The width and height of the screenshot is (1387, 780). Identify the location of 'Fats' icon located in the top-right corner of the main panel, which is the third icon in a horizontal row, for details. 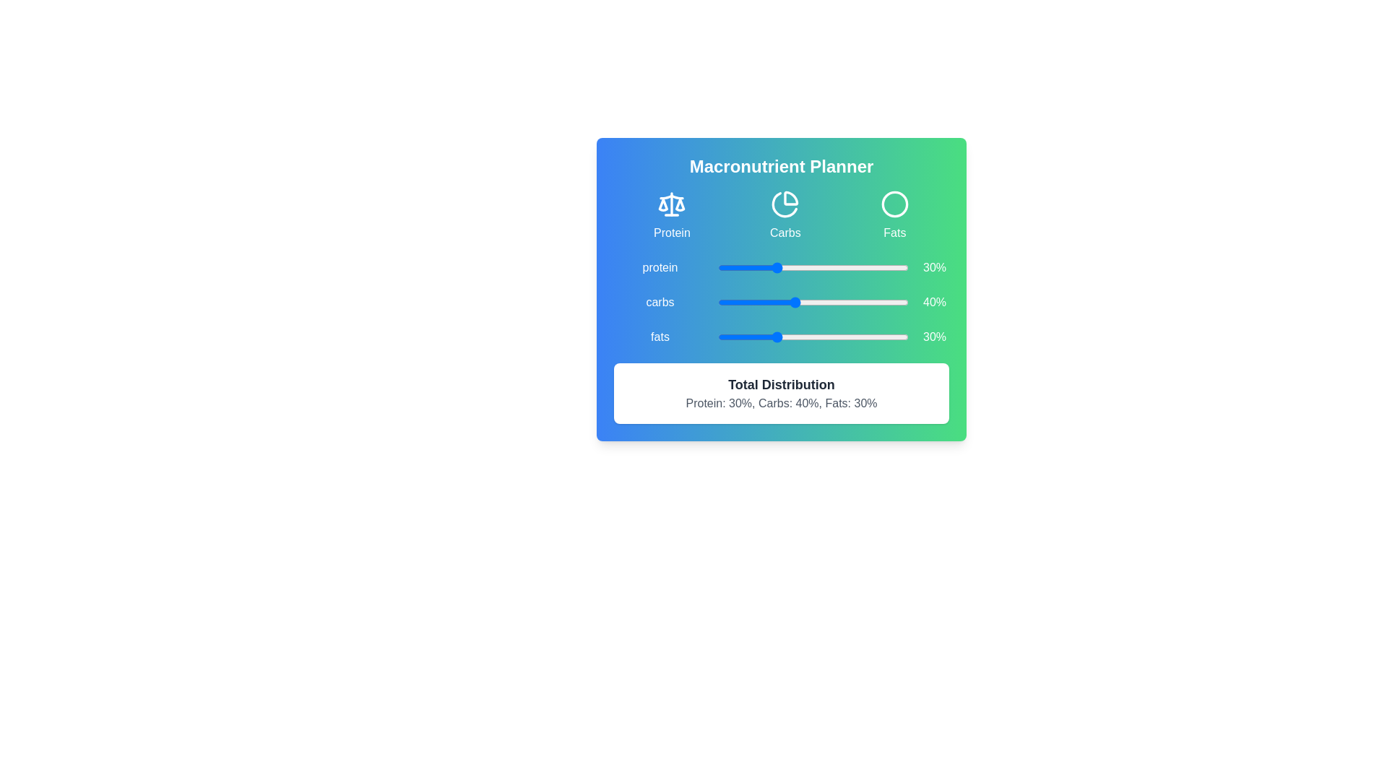
(894, 204).